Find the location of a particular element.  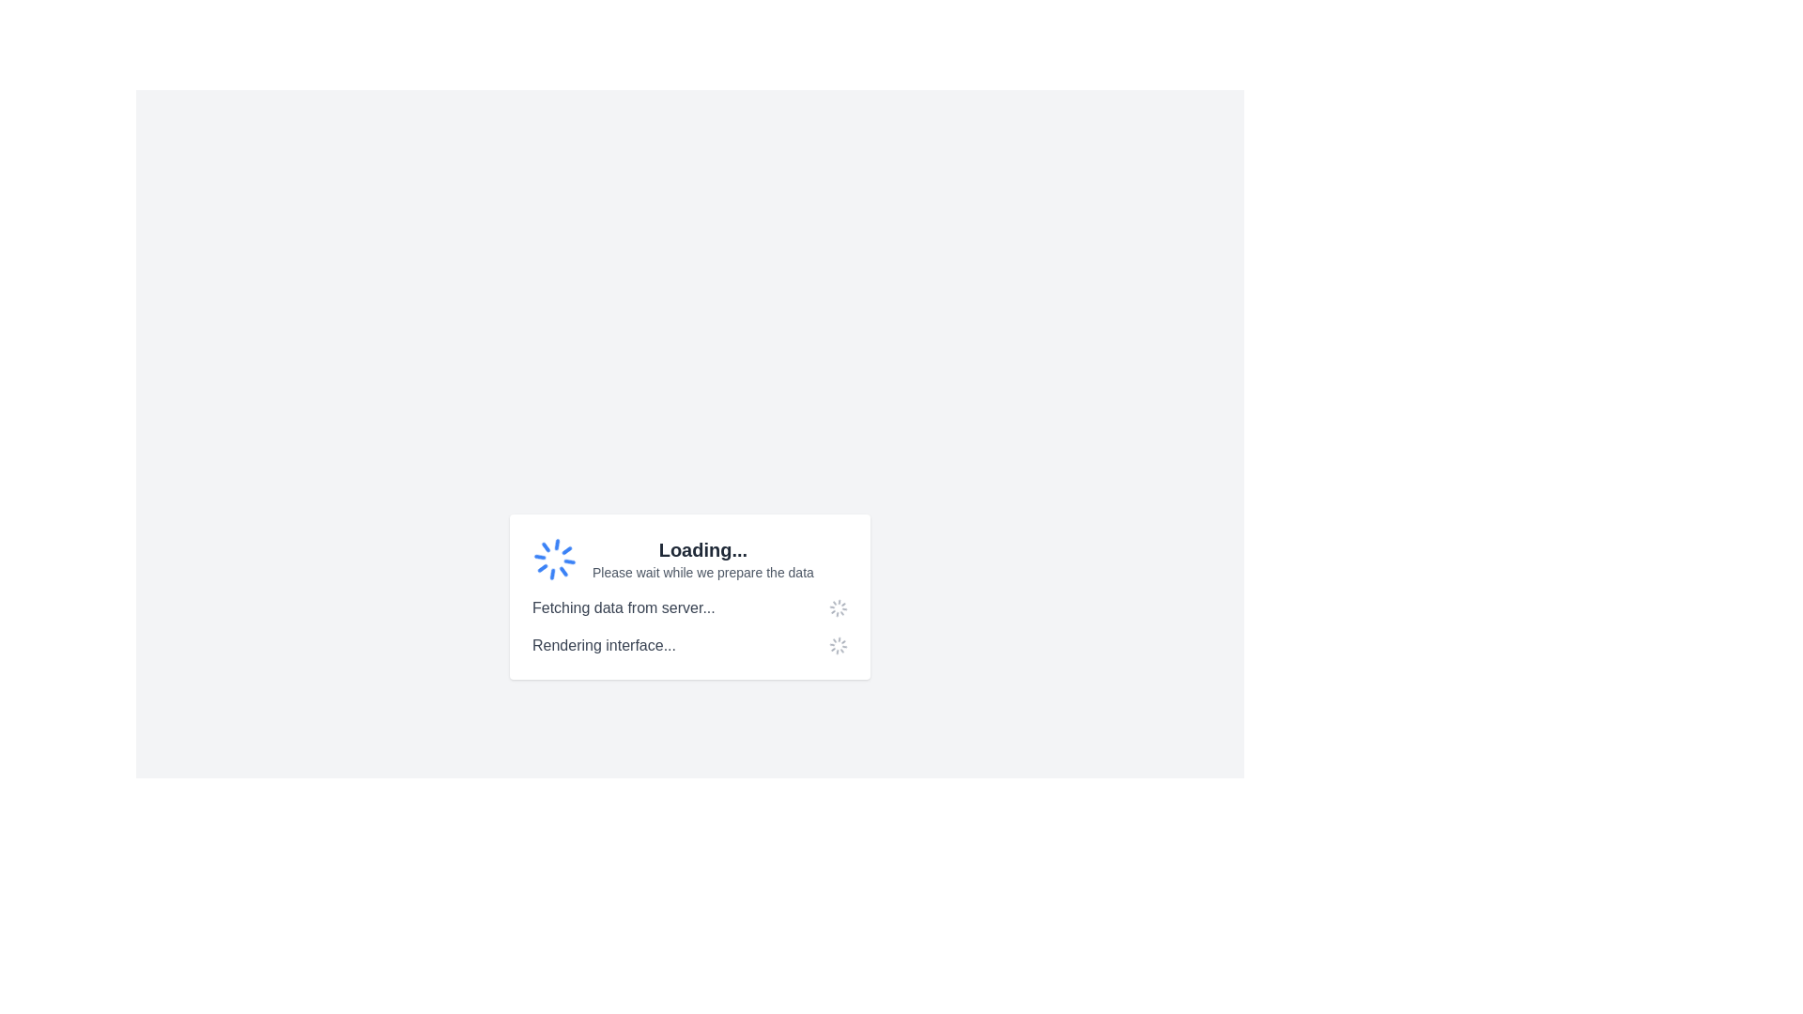

the circular loader icon with a spinning animation, which is styled in light gray and located next to the text 'Fetching data from server...' is located at coordinates (837, 608).